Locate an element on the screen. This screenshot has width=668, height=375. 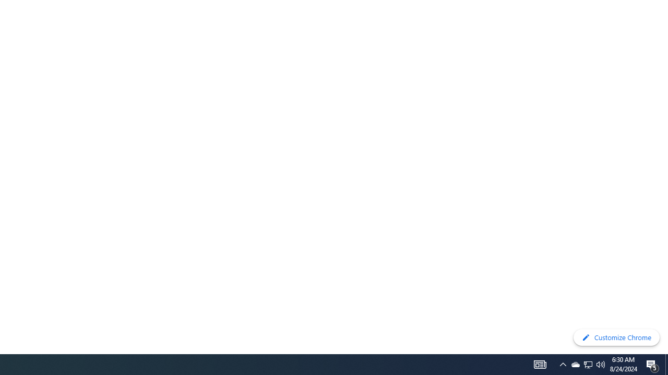
'Customize Chrome' is located at coordinates (616, 337).